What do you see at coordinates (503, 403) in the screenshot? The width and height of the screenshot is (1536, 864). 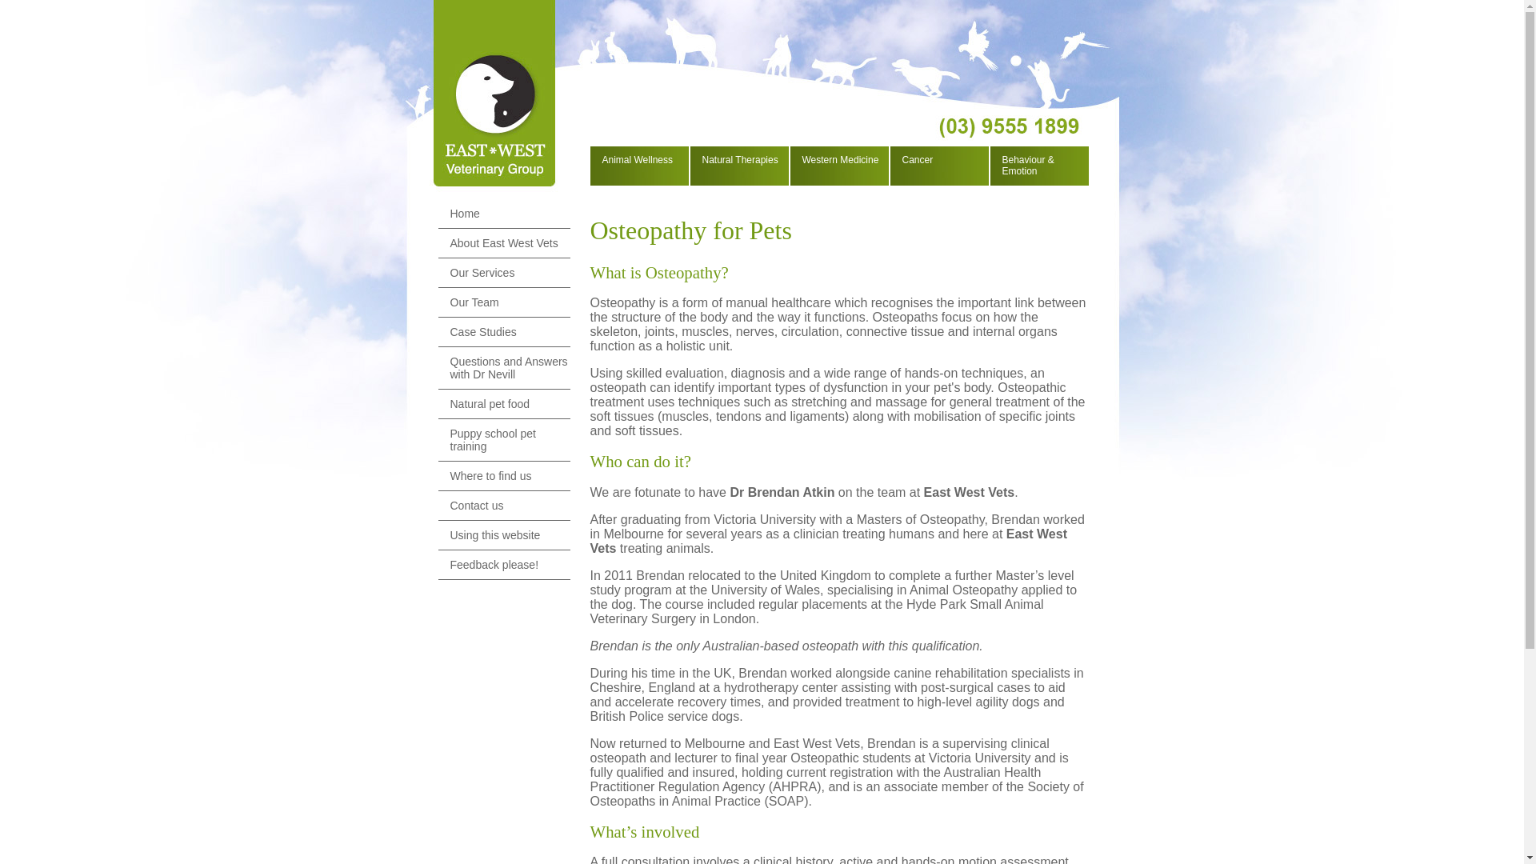 I see `'Natural pet food'` at bounding box center [503, 403].